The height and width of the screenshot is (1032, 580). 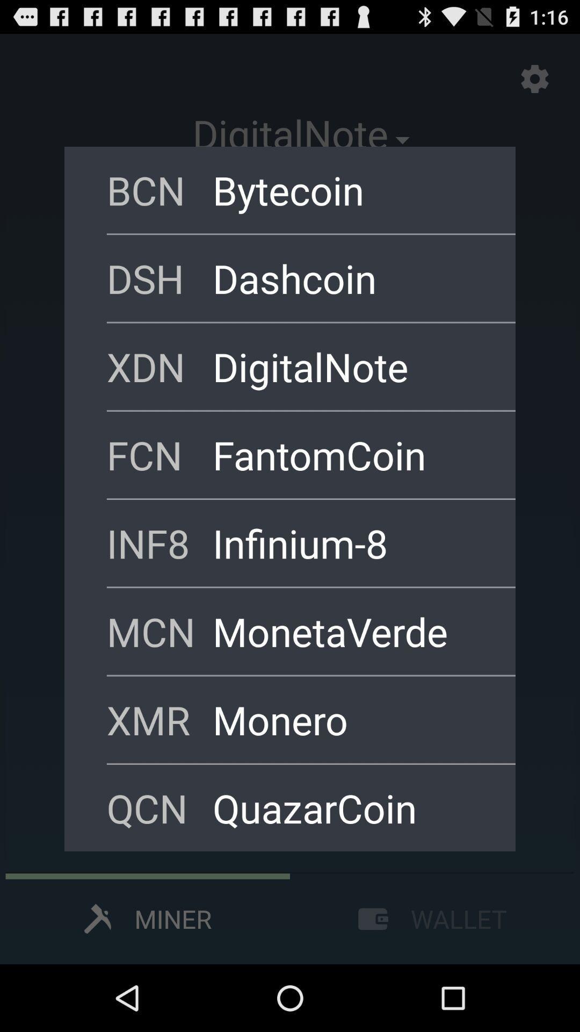 What do you see at coordinates (160, 278) in the screenshot?
I see `icon below the bcn app` at bounding box center [160, 278].